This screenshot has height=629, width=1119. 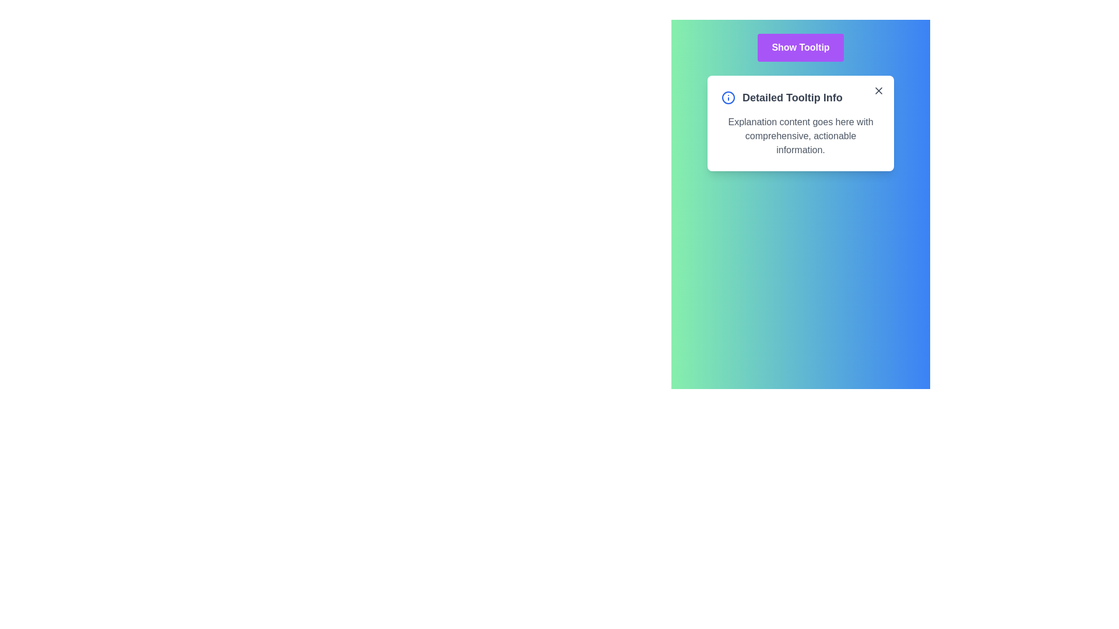 What do you see at coordinates (727, 97) in the screenshot?
I see `the circular shape with a blue outline that is part of the SVG graphic representing an 'info' symbol within the tooltip icon` at bounding box center [727, 97].